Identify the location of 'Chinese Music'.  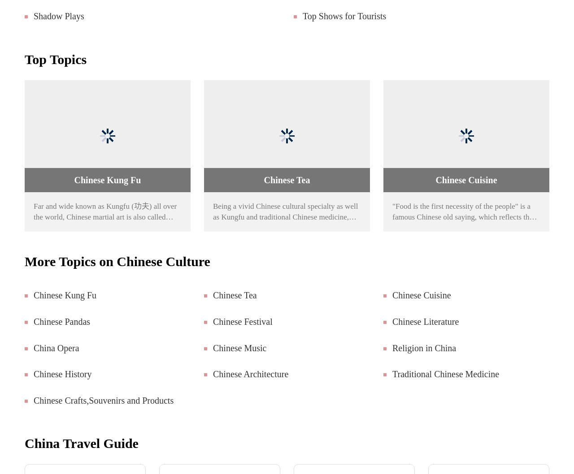
(239, 348).